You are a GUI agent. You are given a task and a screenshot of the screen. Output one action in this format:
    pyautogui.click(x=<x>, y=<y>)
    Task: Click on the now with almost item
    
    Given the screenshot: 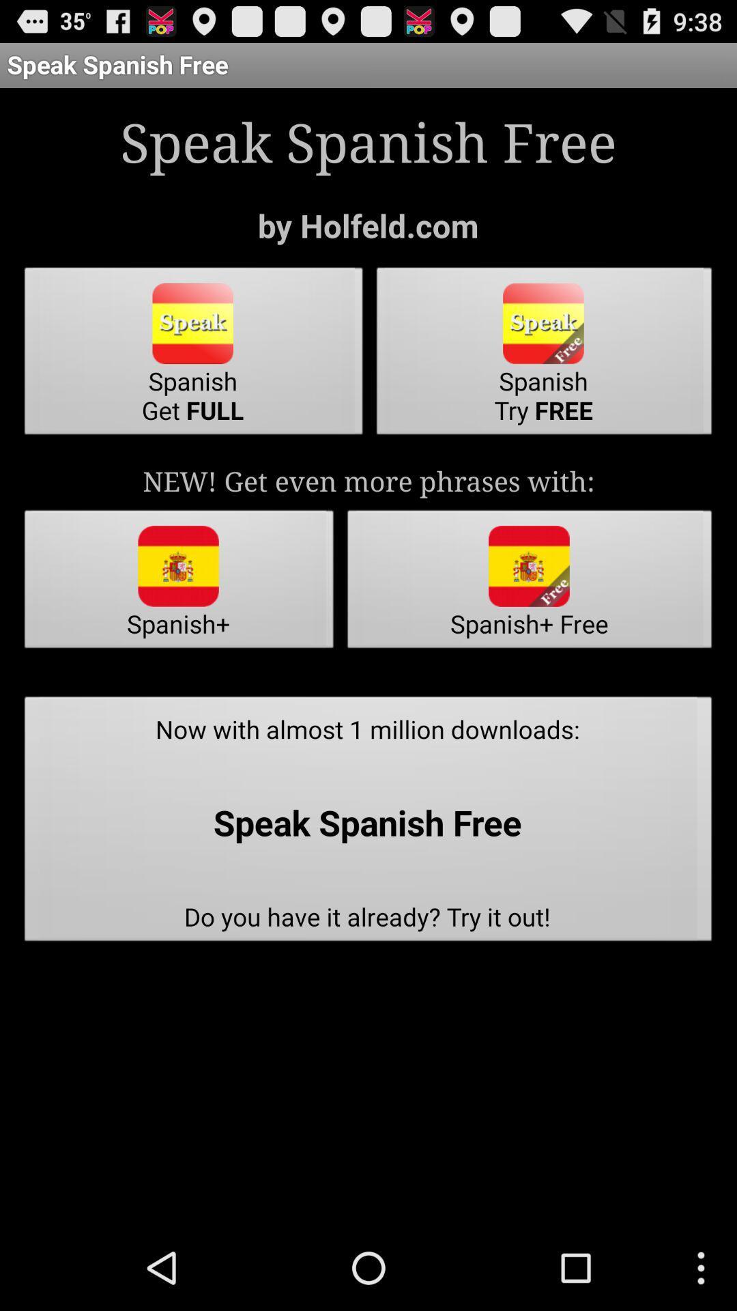 What is the action you would take?
    pyautogui.click(x=369, y=822)
    